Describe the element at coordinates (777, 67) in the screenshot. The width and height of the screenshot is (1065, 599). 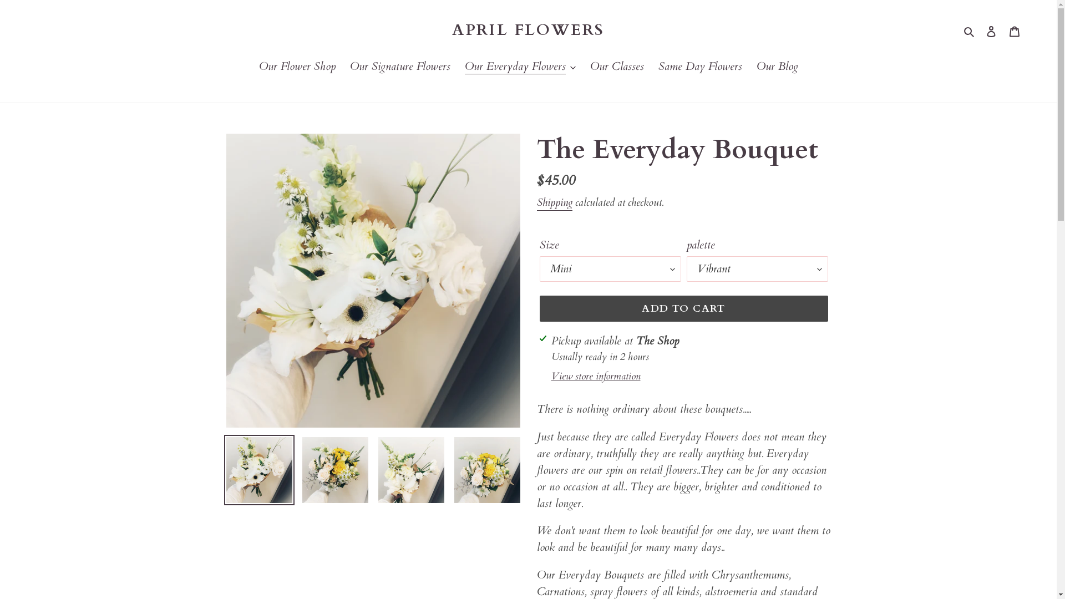
I see `'Our Blog'` at that location.